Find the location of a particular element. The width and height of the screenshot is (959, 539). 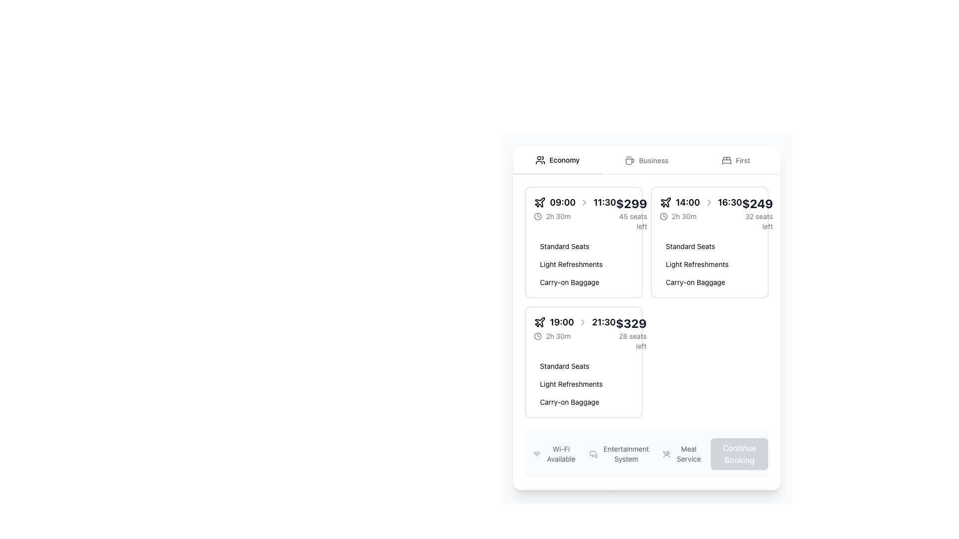

the text label displaying 'Business' in the horizontal navigation bar for travel class selection is located at coordinates (654, 160).